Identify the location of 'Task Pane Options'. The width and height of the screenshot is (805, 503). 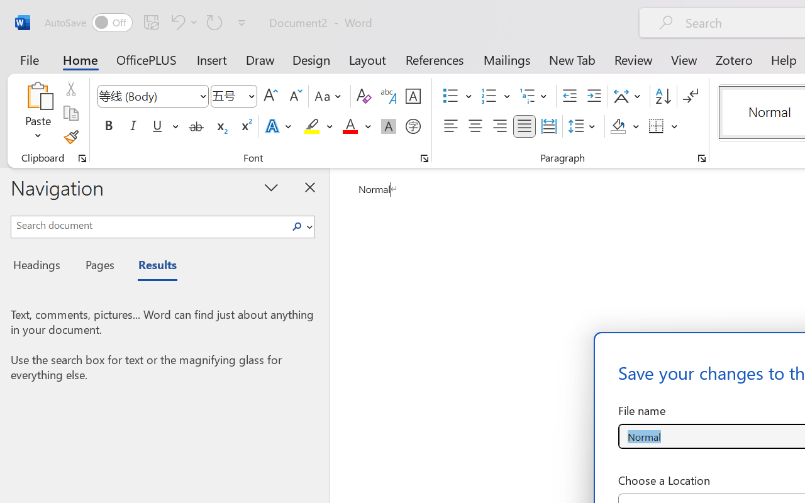
(271, 187).